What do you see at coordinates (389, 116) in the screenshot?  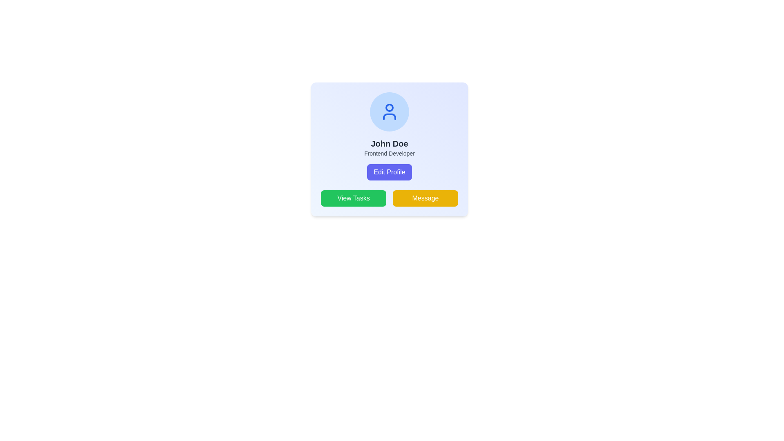 I see `the lower component of the SVG user icon, which is part of the 'lucide-user' class, located in the top section of the center card above the text 'John Doe'` at bounding box center [389, 116].